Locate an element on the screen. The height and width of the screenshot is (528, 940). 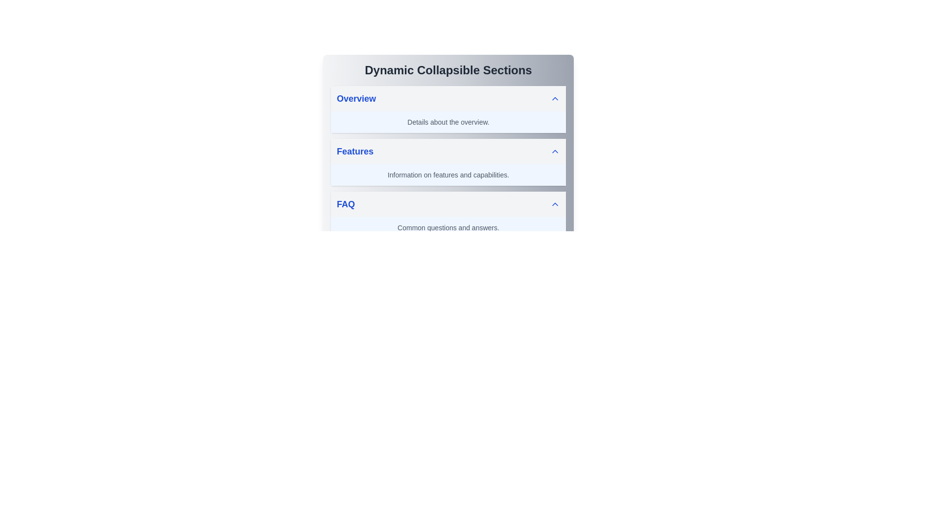
the upward-pointing chevron icon located on the far right of the 'FAQ' section header is located at coordinates (555, 203).